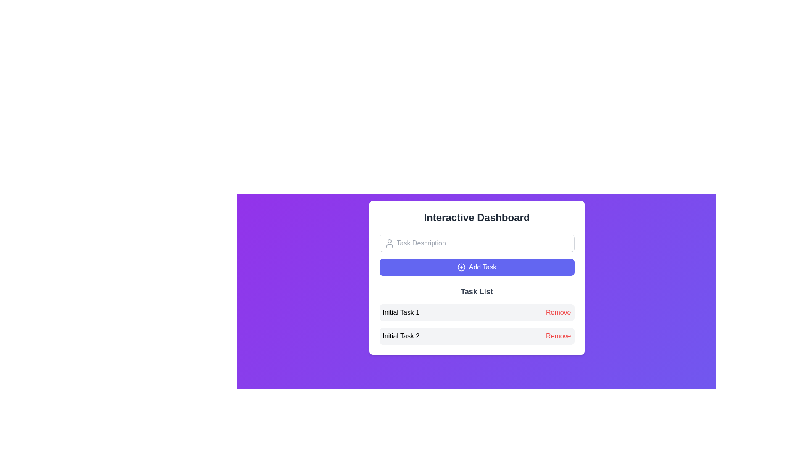 This screenshot has width=807, height=454. What do you see at coordinates (477, 267) in the screenshot?
I see `the purple 'Add Task' button with a white plus icon located in the 'Interactive Dashboard' panel` at bounding box center [477, 267].